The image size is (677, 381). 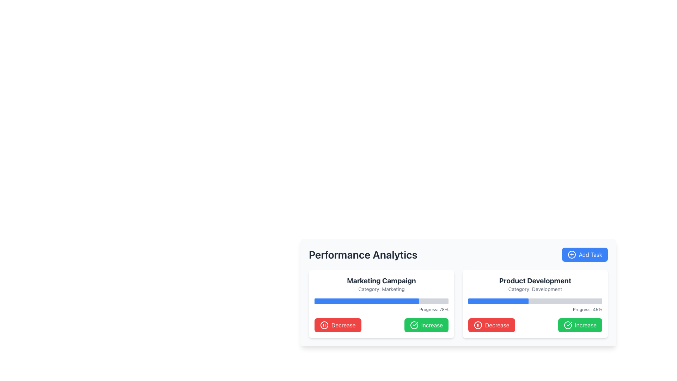 I want to click on the circular icon with a plus sign in the center, which has a blue background and white border, located next to the 'Add Task' text in the top-right corner of the 'Performance Analytics' section, so click(x=572, y=254).